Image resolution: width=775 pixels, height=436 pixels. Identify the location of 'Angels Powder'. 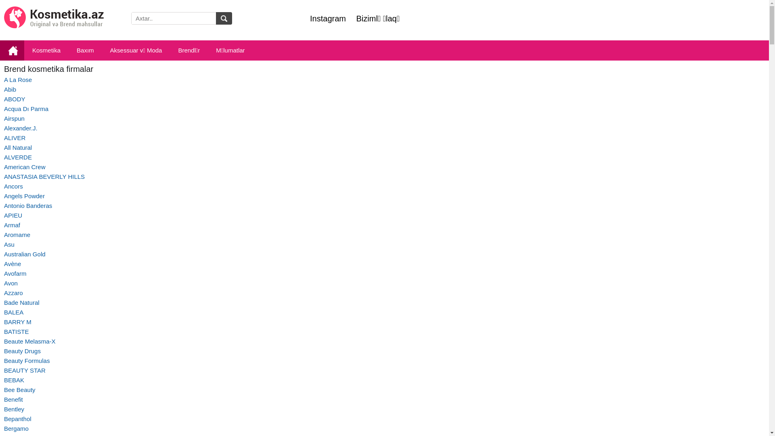
(4, 196).